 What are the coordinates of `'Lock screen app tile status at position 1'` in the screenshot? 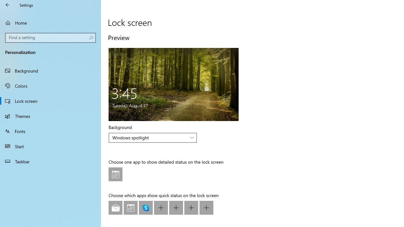 It's located at (116, 174).